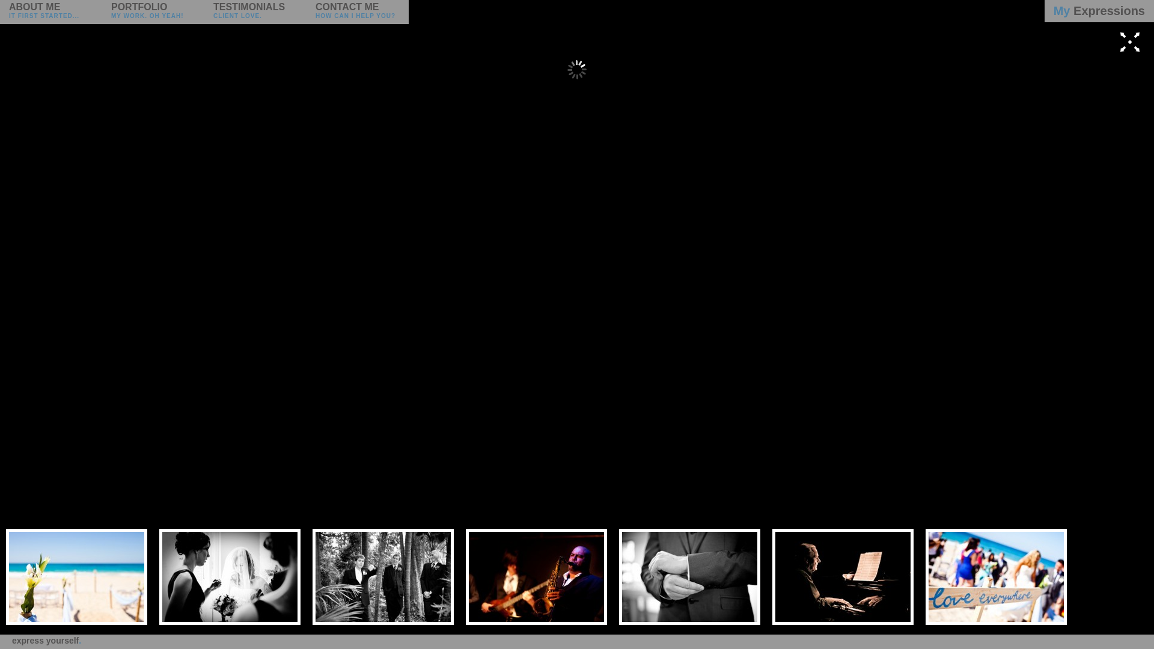 Image resolution: width=1154 pixels, height=649 pixels. What do you see at coordinates (996, 576) in the screenshot?
I see `'love everywhere'` at bounding box center [996, 576].